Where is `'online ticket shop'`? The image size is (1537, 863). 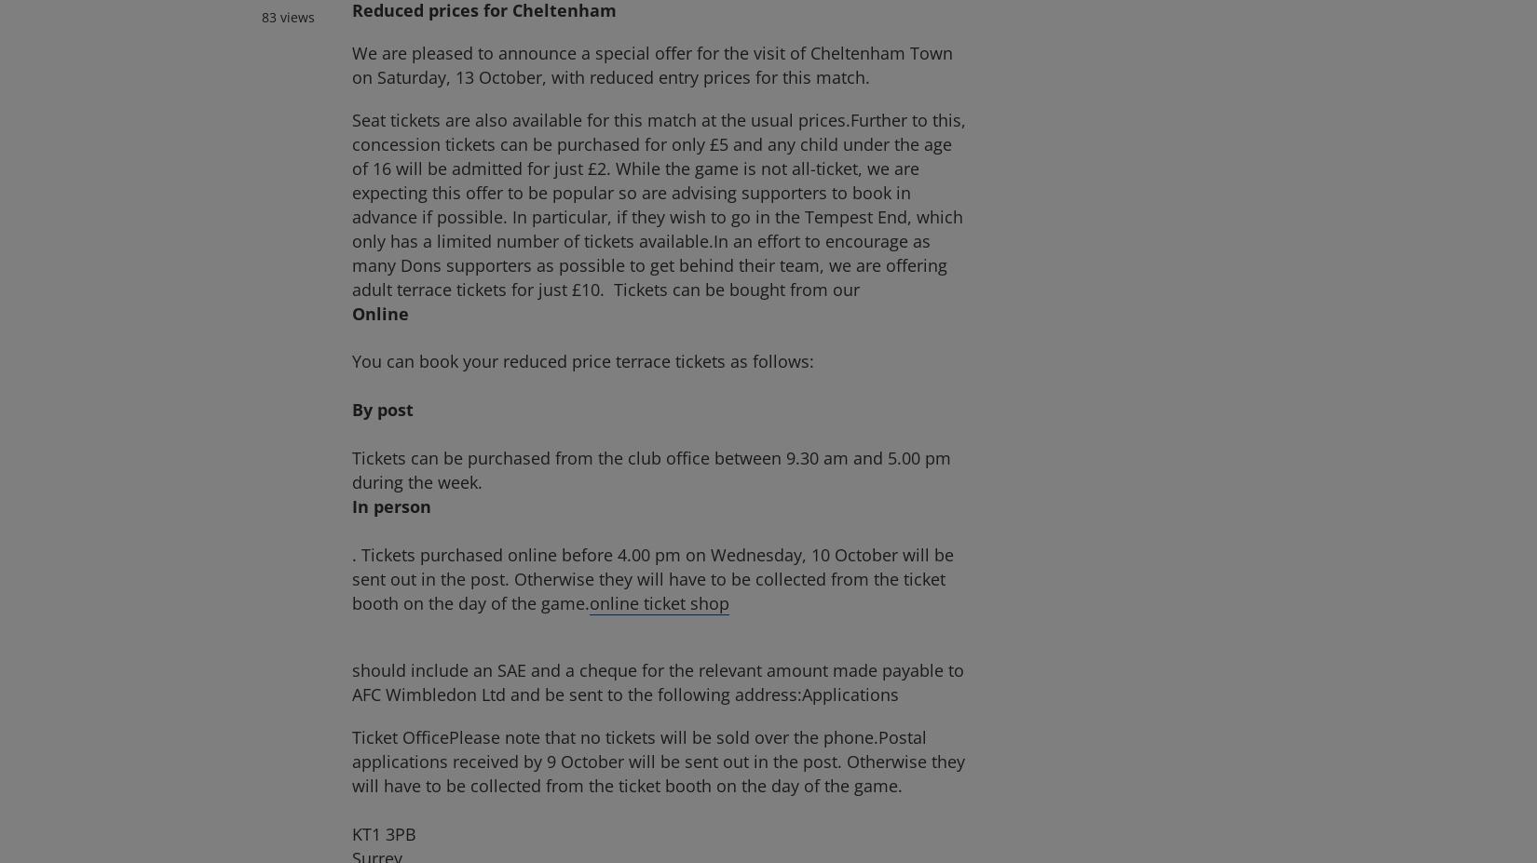
'online ticket shop' is located at coordinates (659, 601).